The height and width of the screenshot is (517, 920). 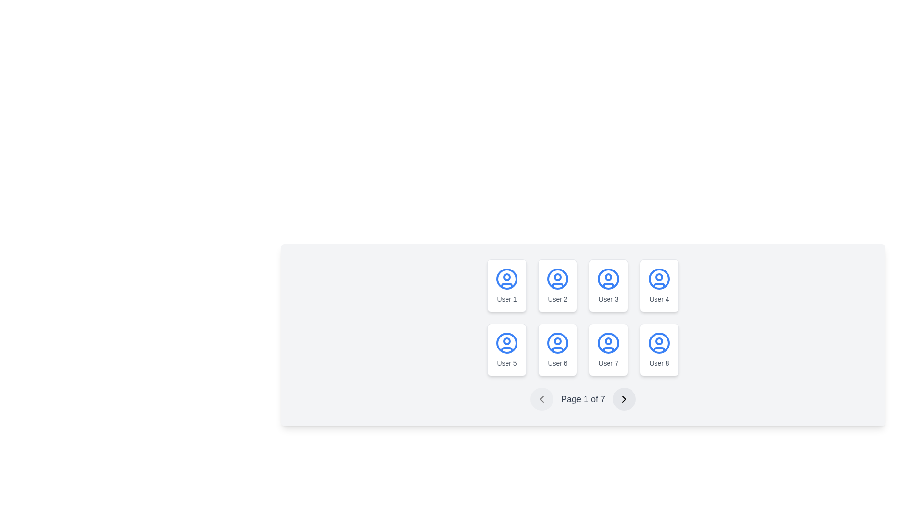 What do you see at coordinates (506, 363) in the screenshot?
I see `the Text Label displaying 'User 5' below the blue user profile icon in the white card` at bounding box center [506, 363].